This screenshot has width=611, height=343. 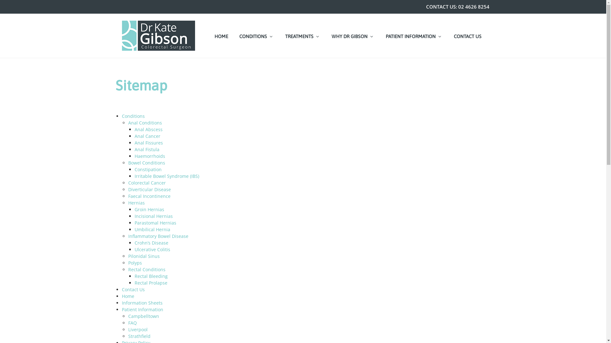 I want to click on 'Contact Us', so click(x=132, y=289).